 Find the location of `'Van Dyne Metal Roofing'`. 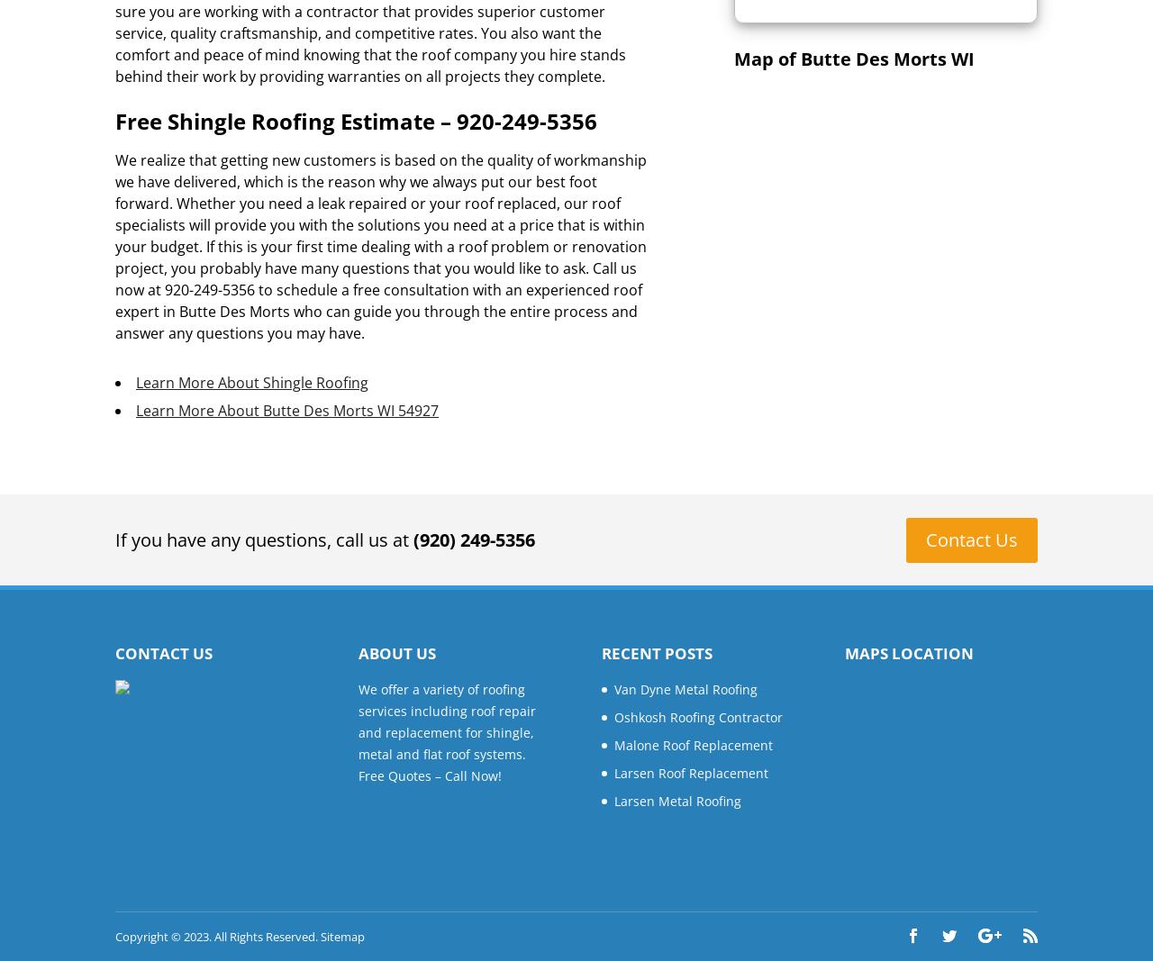

'Van Dyne Metal Roofing' is located at coordinates (685, 687).